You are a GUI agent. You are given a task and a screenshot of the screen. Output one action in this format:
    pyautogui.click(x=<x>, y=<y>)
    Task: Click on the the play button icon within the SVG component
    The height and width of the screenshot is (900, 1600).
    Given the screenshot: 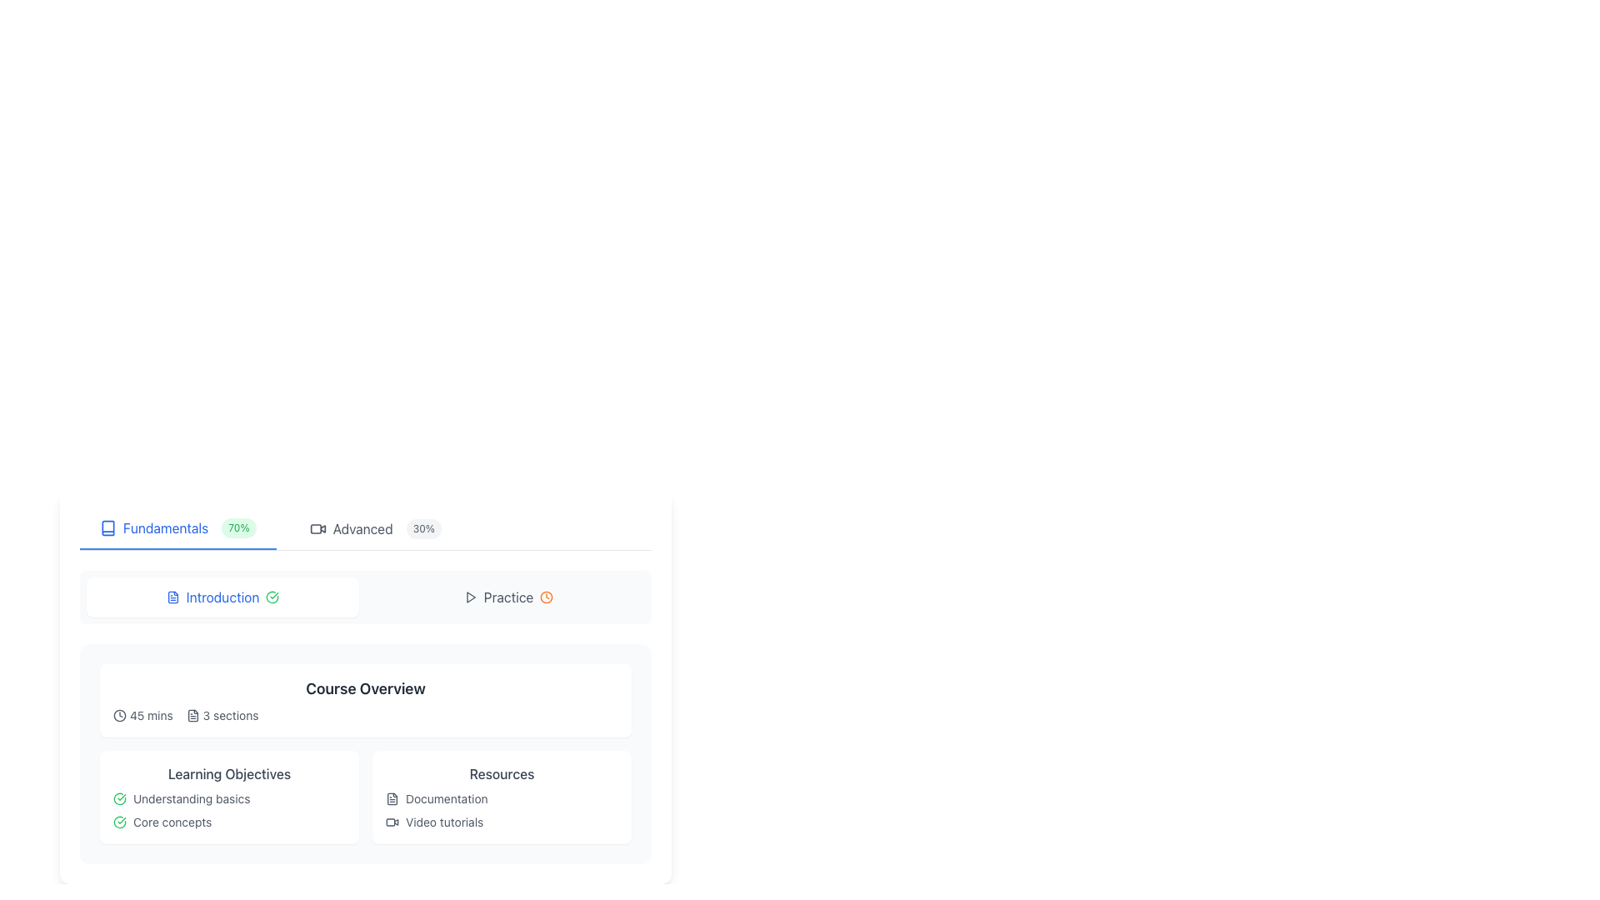 What is the action you would take?
    pyautogui.click(x=470, y=597)
    